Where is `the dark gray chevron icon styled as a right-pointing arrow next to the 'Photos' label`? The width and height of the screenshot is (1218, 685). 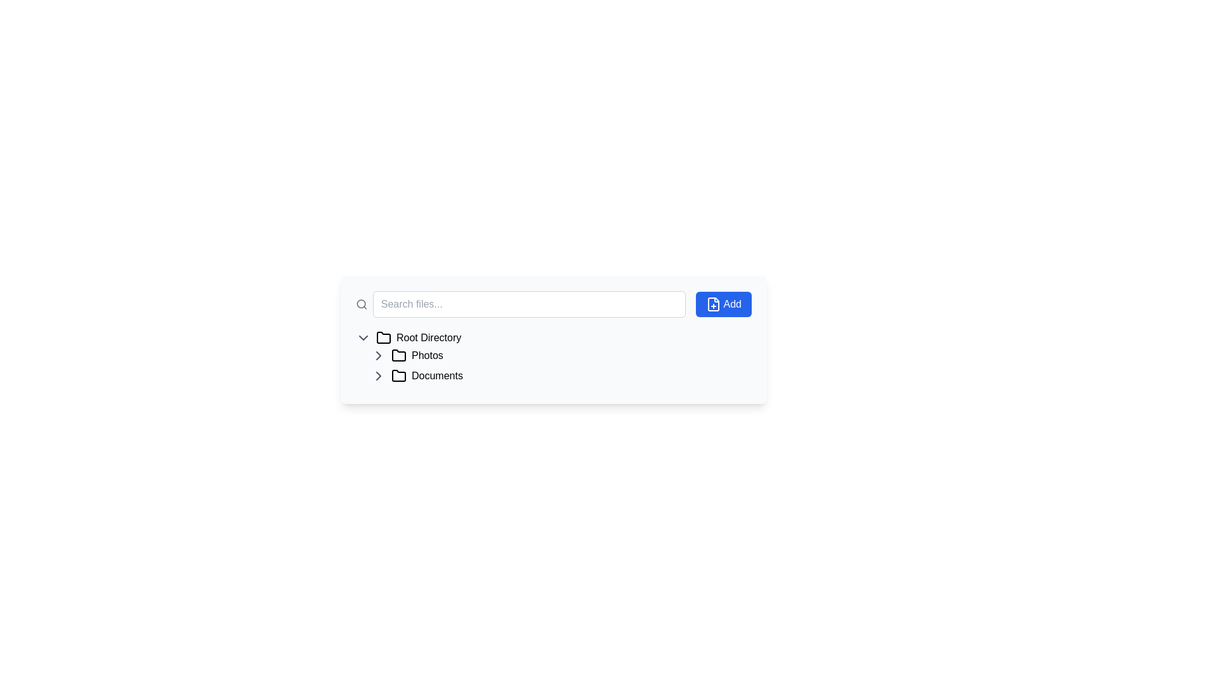
the dark gray chevron icon styled as a right-pointing arrow next to the 'Photos' label is located at coordinates (377, 355).